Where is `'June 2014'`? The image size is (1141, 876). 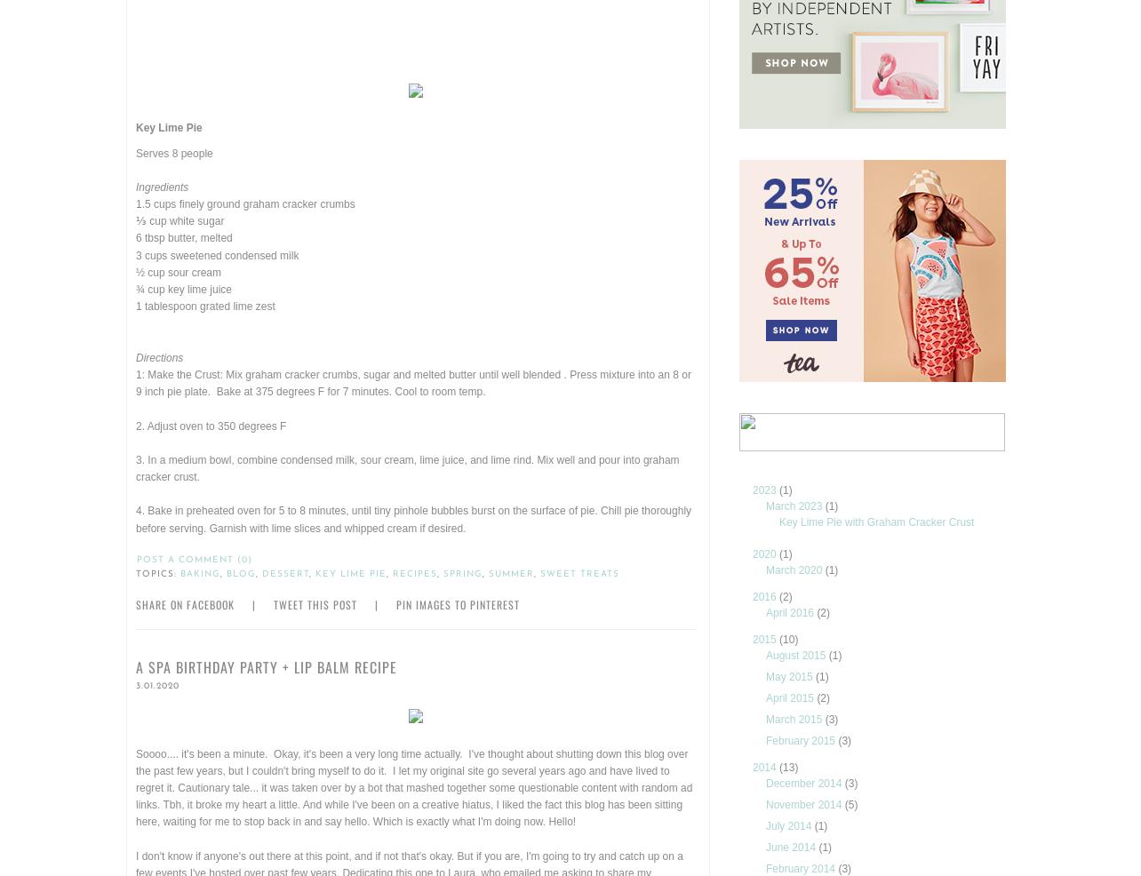
'June 2014' is located at coordinates (791, 847).